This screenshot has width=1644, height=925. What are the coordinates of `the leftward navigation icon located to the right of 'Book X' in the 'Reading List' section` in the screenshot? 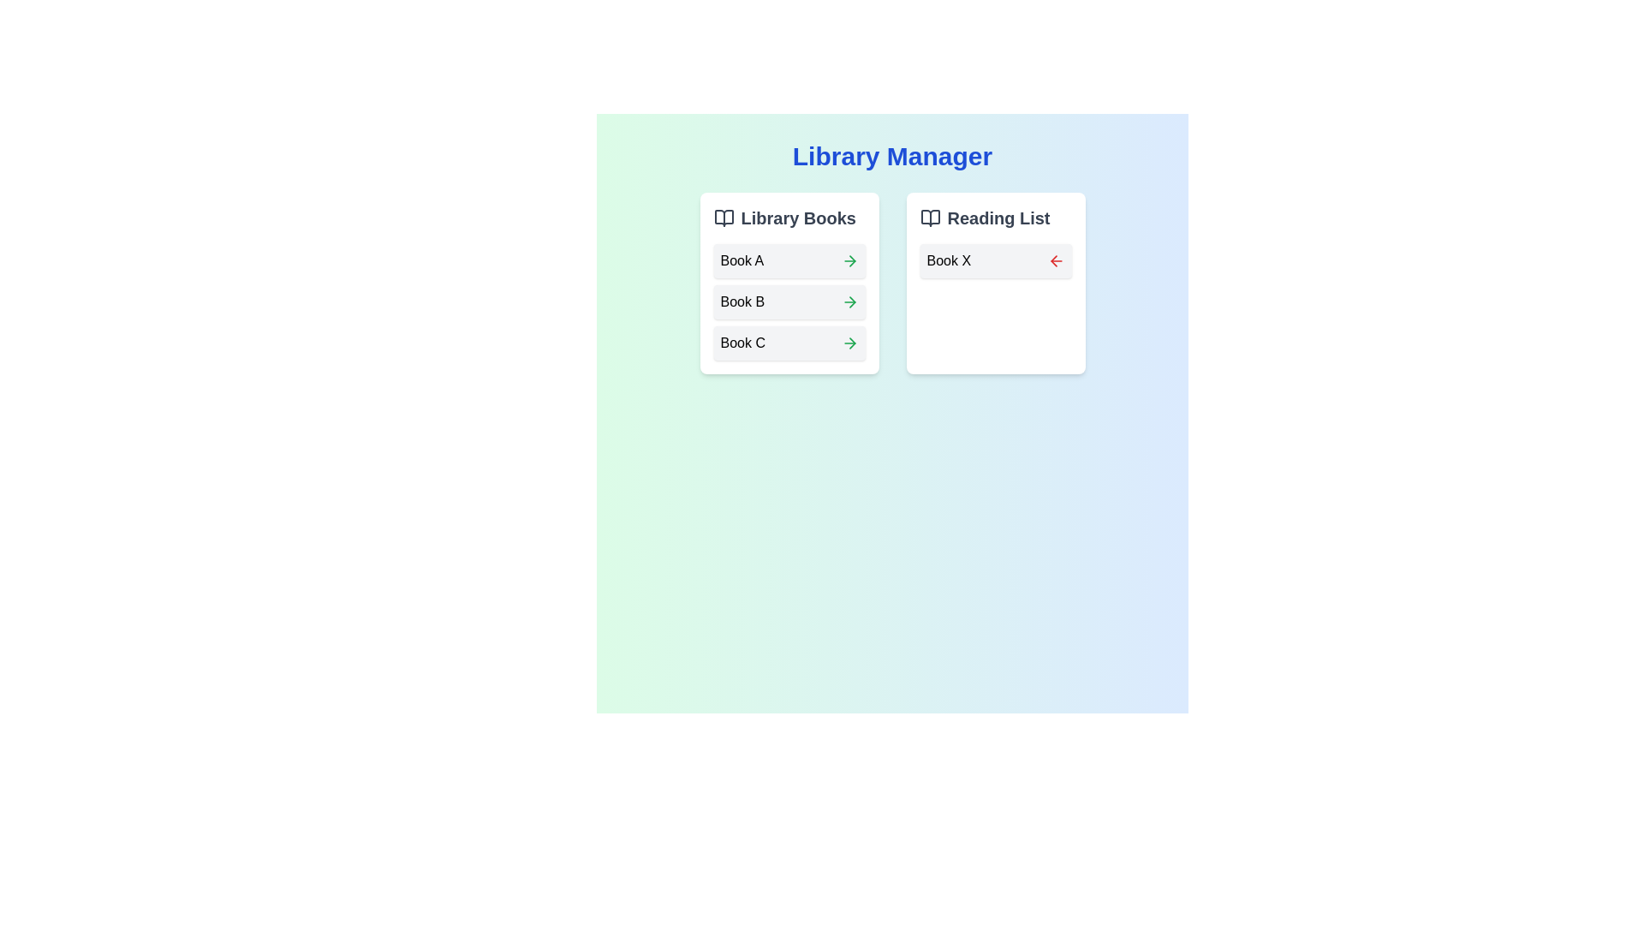 It's located at (1052, 260).